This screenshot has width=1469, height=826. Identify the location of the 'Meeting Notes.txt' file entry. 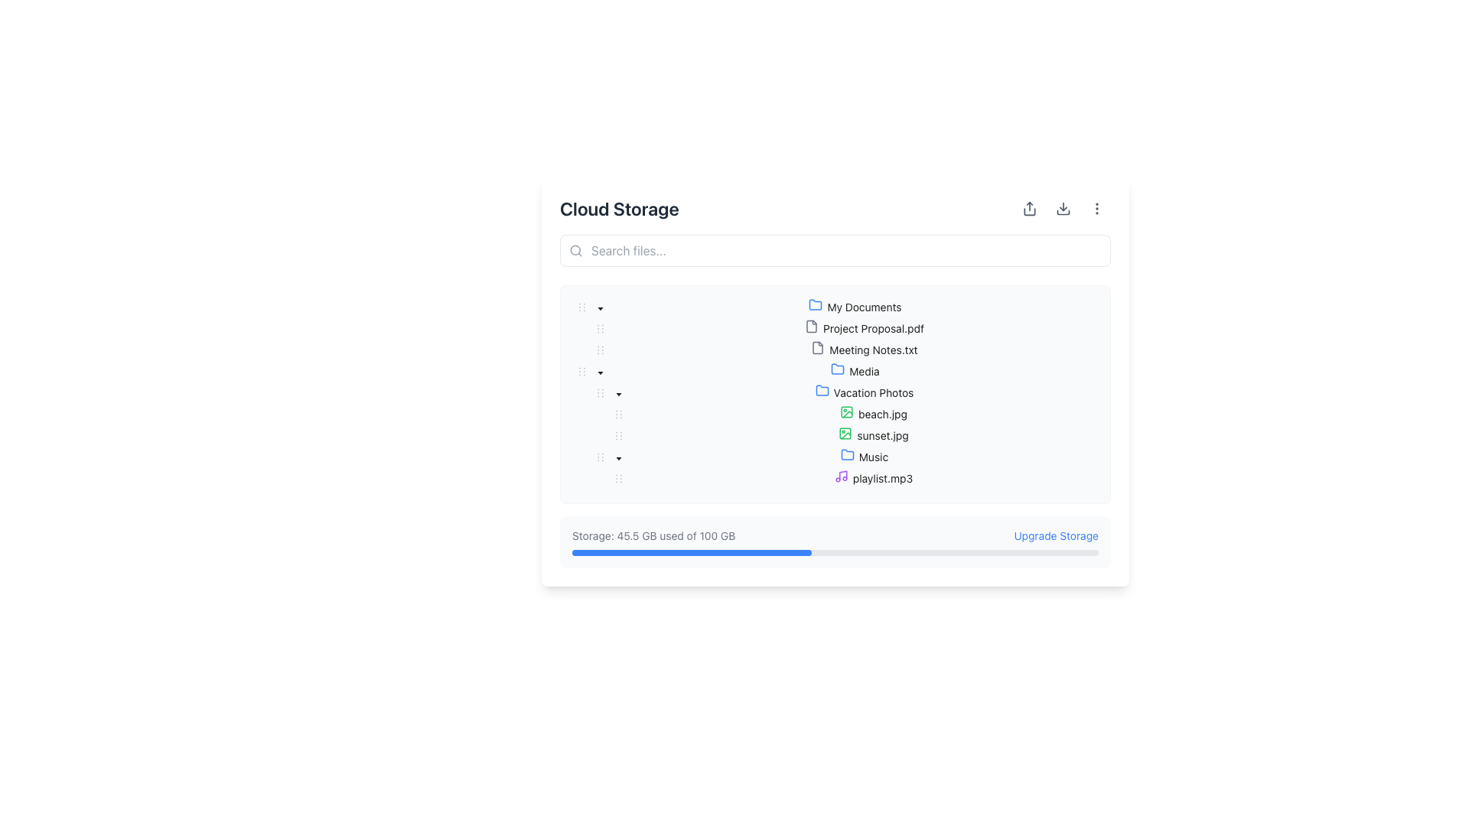
(864, 350).